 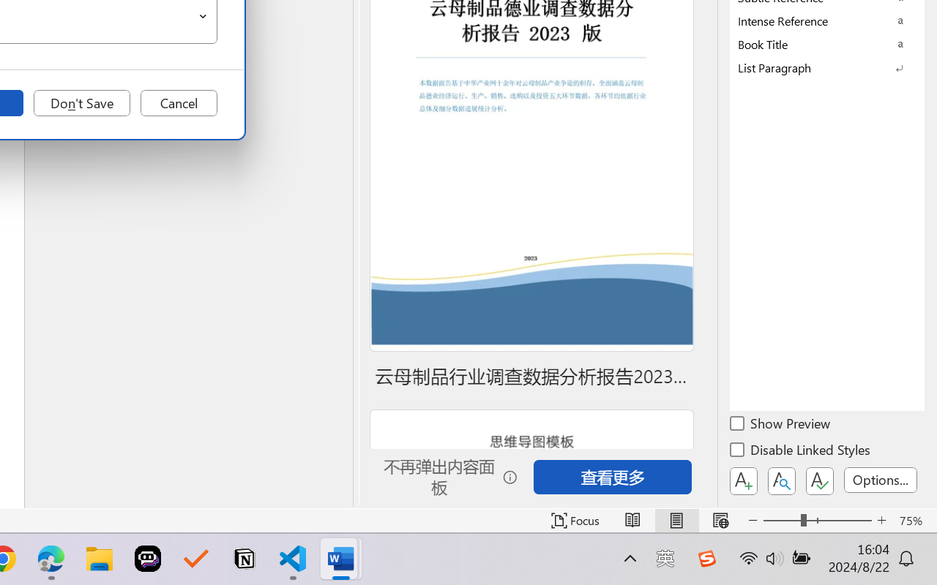 I want to click on 'Disable Linked Styles', so click(x=801, y=452).